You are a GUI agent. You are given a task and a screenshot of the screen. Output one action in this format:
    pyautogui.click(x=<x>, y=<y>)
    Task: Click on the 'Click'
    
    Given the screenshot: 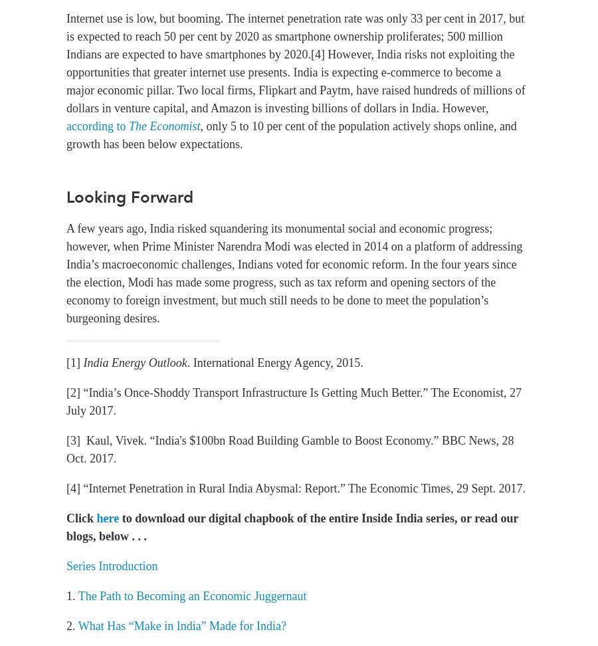 What is the action you would take?
    pyautogui.click(x=65, y=518)
    